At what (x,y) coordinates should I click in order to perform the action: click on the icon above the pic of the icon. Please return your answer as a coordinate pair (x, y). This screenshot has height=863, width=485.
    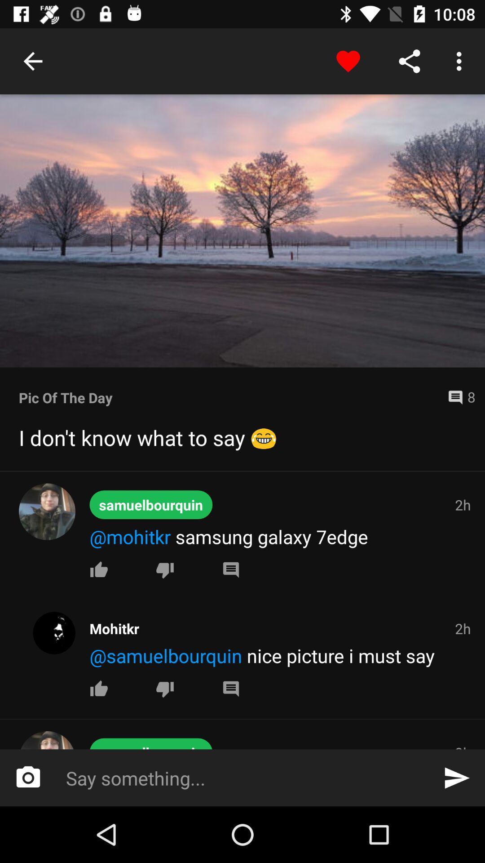
    Looking at the image, I should click on (242, 231).